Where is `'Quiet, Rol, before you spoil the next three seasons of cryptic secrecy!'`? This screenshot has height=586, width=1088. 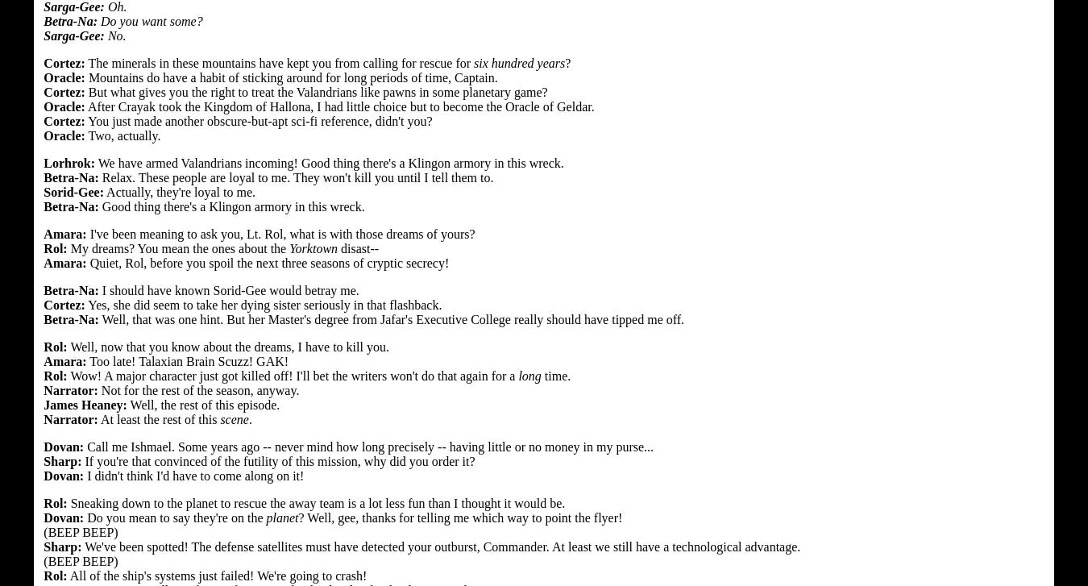 'Quiet, Rol, before you spoil the next three seasons of cryptic secrecy!' is located at coordinates (266, 262).